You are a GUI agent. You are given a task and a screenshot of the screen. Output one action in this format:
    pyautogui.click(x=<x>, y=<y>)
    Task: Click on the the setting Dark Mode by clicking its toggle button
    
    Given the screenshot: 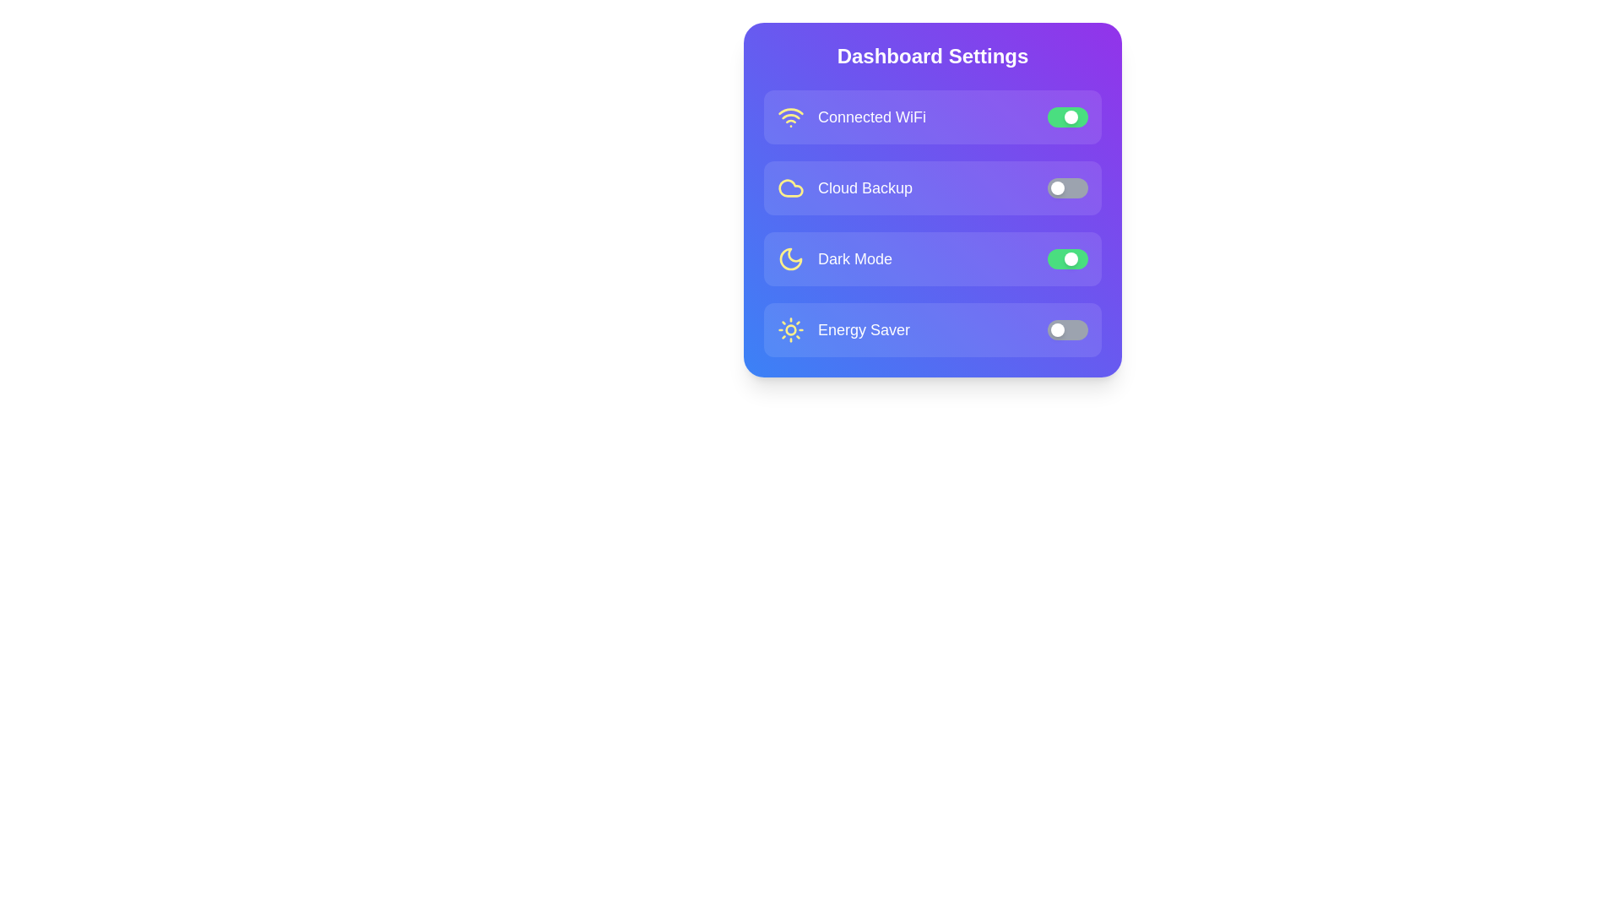 What is the action you would take?
    pyautogui.click(x=1067, y=259)
    